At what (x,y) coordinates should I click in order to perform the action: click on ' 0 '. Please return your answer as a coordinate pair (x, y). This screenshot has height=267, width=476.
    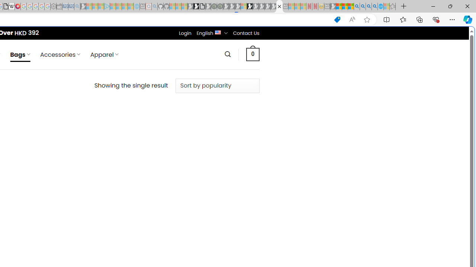
    Looking at the image, I should click on (253, 54).